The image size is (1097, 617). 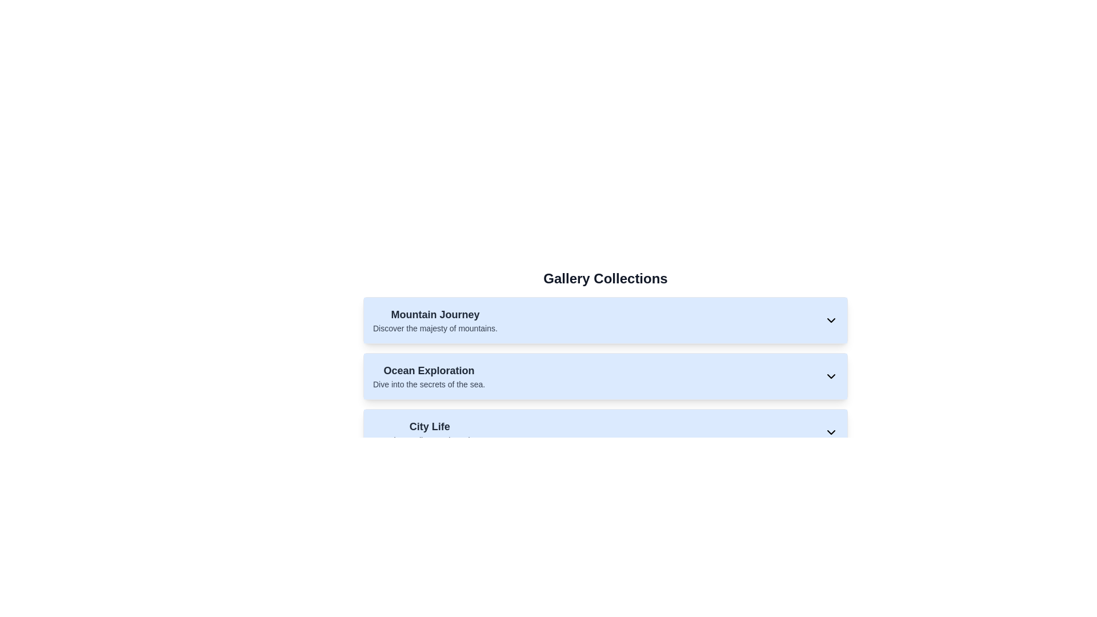 What do you see at coordinates (434, 320) in the screenshot?
I see `the Text block displaying the title and subtitle for the 'Mountain Journey' section, which is positioned at the top of the list above 'Ocean Exploration' and 'City Life'` at bounding box center [434, 320].